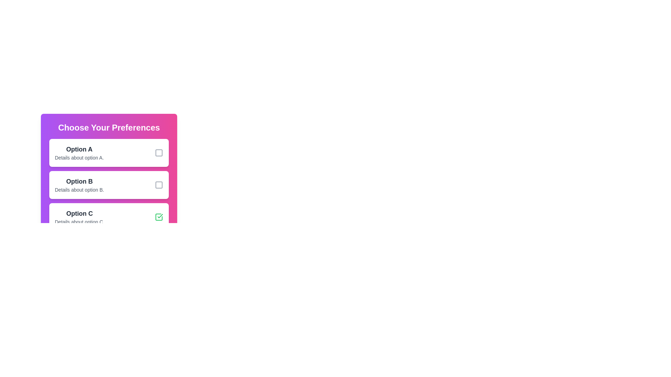 This screenshot has width=671, height=377. What do you see at coordinates (79, 216) in the screenshot?
I see `the List Item (Text Component) labeled 'Option C' for accessibility purposes` at bounding box center [79, 216].